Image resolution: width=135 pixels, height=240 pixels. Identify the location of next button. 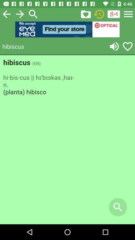
(19, 14).